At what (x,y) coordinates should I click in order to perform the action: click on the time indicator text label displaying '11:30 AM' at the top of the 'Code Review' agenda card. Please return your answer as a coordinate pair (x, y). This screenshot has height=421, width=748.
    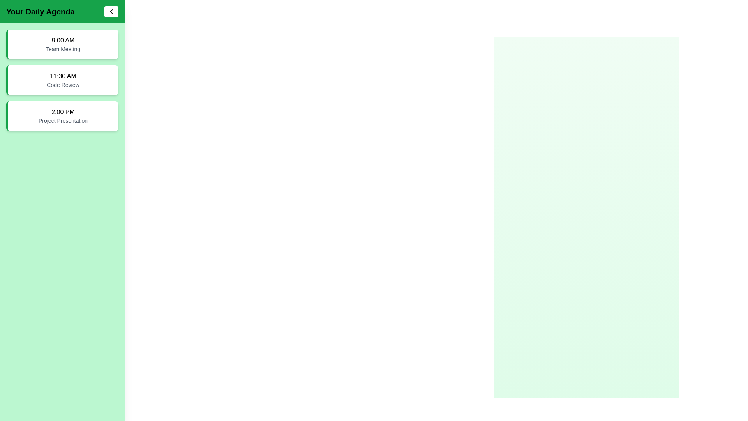
    Looking at the image, I should click on (63, 76).